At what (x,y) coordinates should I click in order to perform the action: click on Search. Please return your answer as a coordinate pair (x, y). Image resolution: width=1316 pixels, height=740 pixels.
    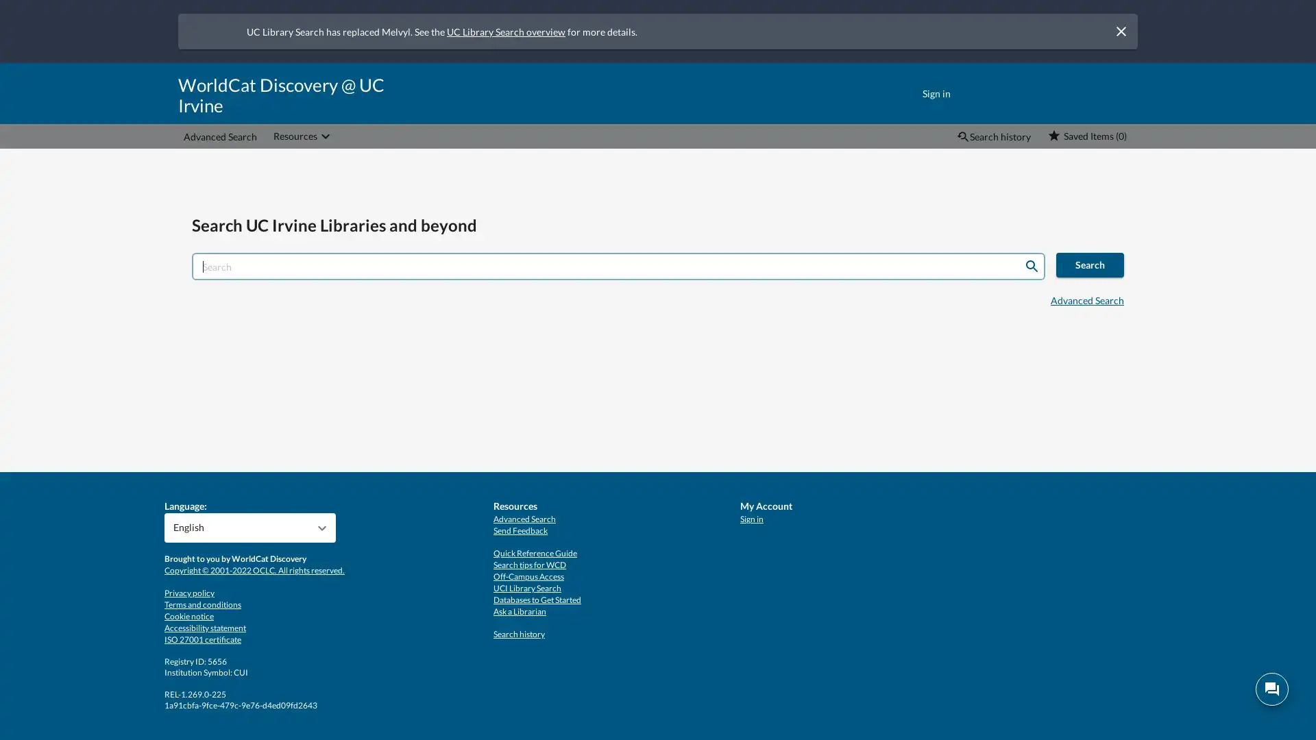
    Looking at the image, I should click on (1089, 264).